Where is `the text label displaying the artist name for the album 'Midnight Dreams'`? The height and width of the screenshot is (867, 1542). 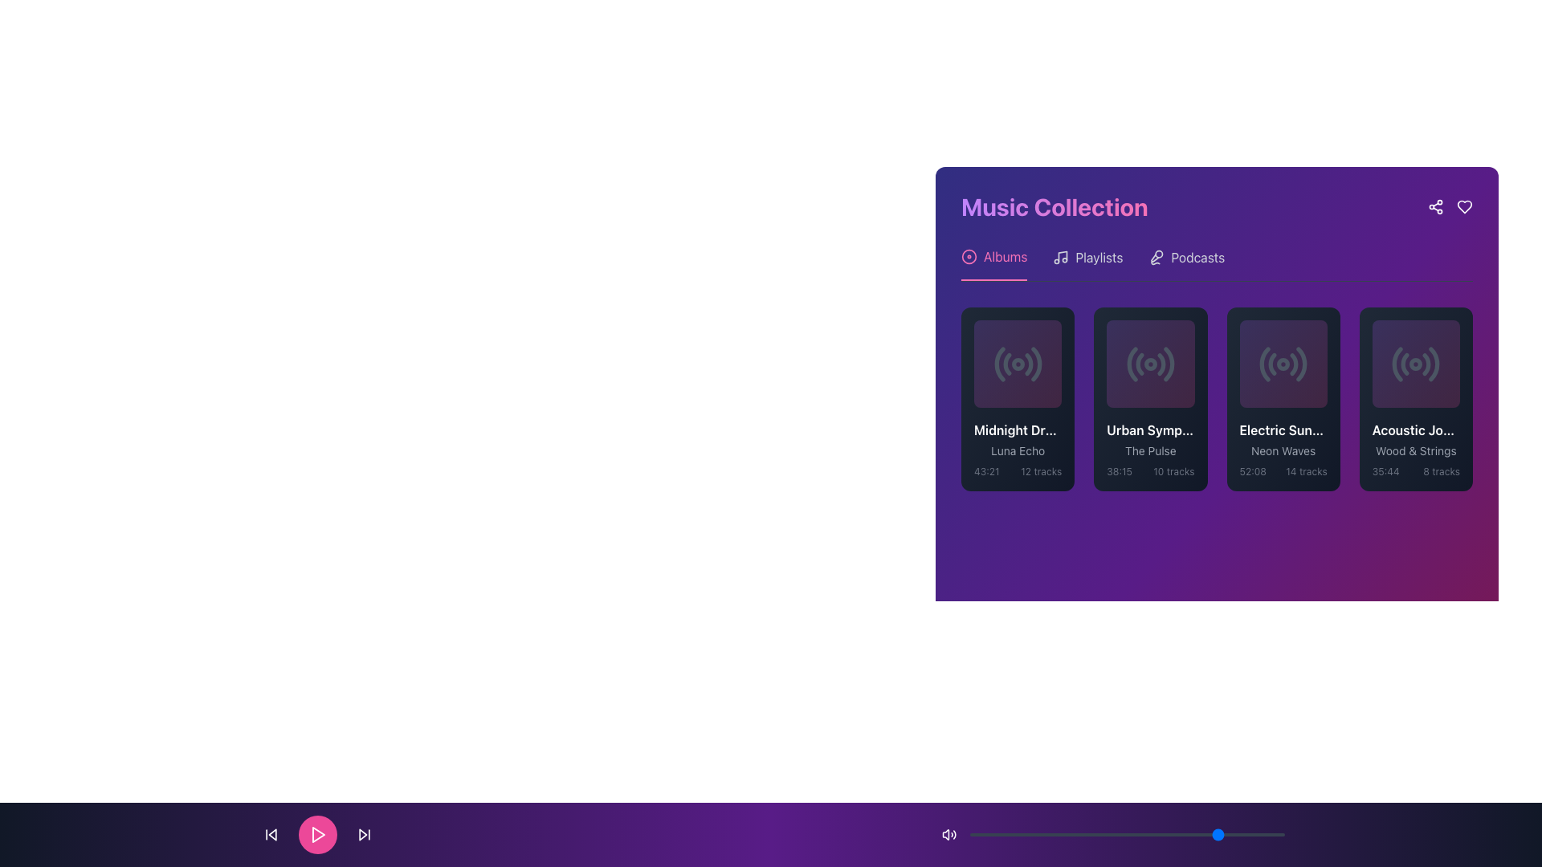 the text label displaying the artist name for the album 'Midnight Dreams' is located at coordinates (1017, 451).